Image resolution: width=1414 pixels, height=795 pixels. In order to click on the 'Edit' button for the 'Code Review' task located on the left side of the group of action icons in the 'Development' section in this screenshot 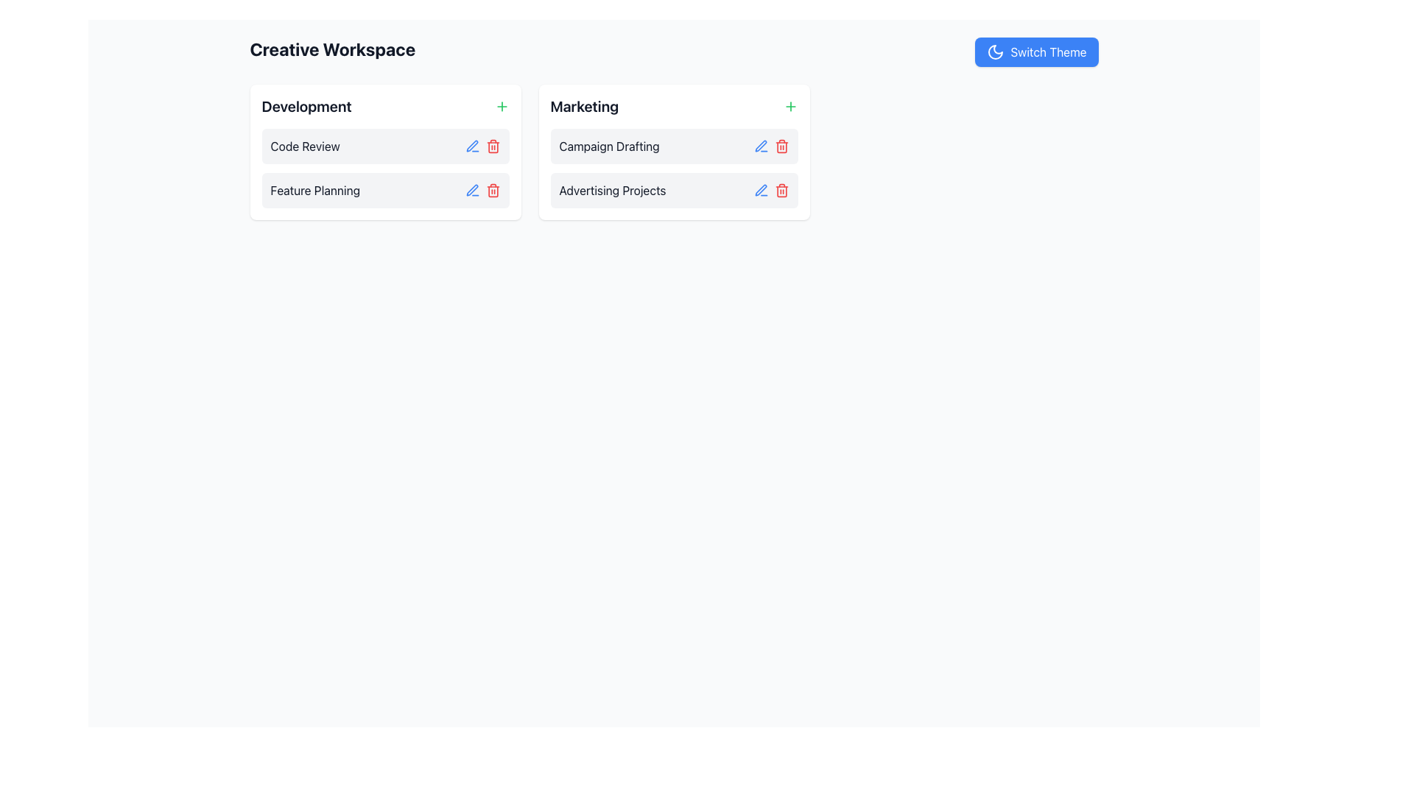, I will do `click(472, 146)`.